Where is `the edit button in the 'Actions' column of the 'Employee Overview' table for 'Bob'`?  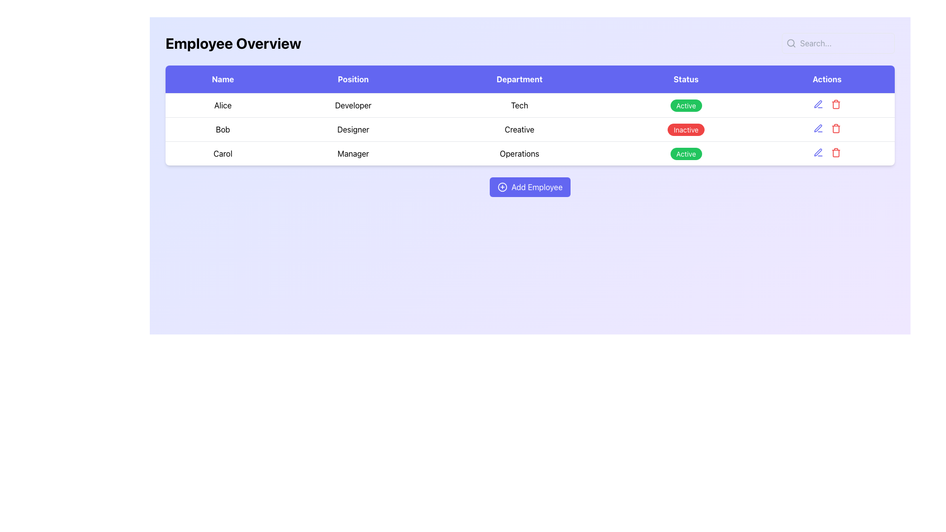
the edit button in the 'Actions' column of the 'Employee Overview' table for 'Bob' is located at coordinates (818, 152).